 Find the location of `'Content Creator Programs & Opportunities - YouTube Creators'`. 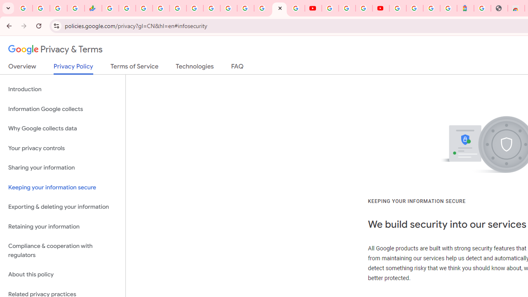

'Content Creator Programs & Opportunities - YouTube Creators' is located at coordinates (380, 8).